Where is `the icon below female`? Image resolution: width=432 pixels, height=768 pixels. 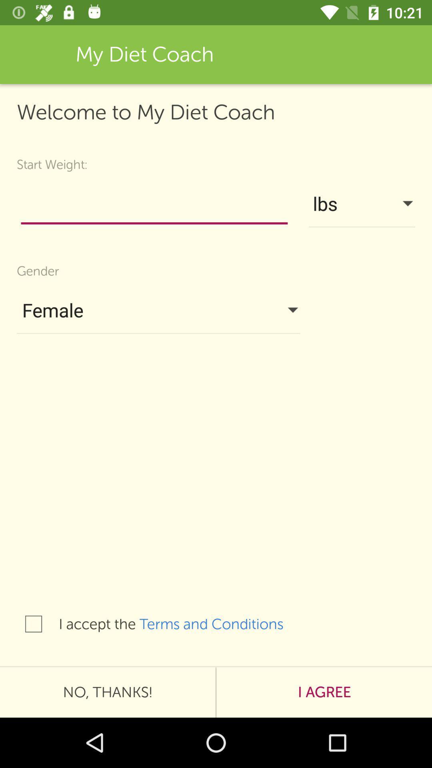 the icon below female is located at coordinates (220, 624).